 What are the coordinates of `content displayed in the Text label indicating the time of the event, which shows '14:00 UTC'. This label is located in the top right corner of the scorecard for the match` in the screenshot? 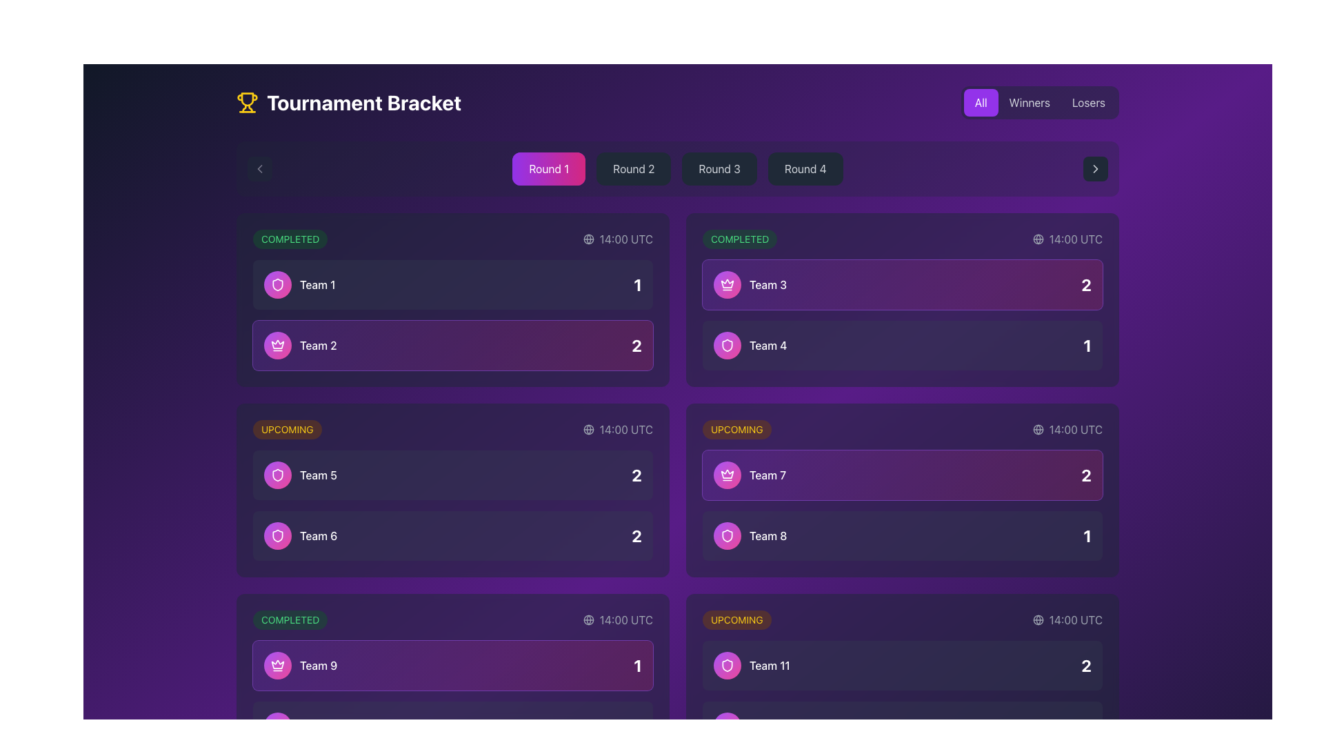 It's located at (625, 429).